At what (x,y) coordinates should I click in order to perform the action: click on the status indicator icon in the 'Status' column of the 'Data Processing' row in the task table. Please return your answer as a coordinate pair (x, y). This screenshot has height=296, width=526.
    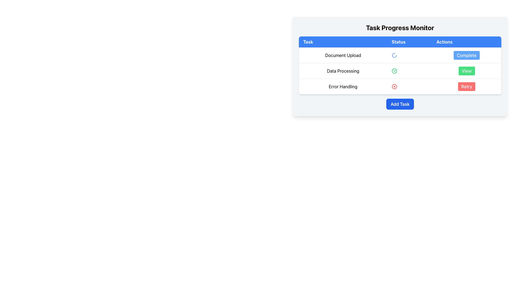
    Looking at the image, I should click on (394, 70).